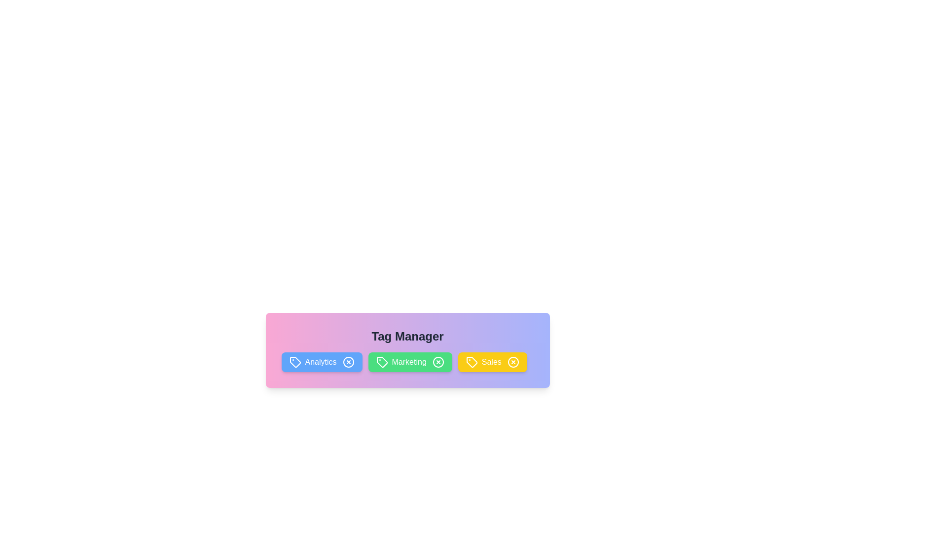  What do you see at coordinates (437, 362) in the screenshot?
I see `the close button of the tag labeled Marketing` at bounding box center [437, 362].